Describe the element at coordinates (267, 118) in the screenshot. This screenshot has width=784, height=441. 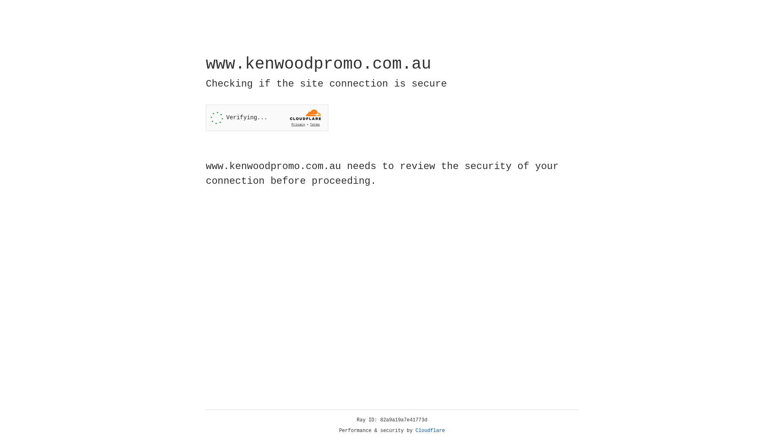
I see `'Widget containing a Cloudflare security challenge'` at that location.